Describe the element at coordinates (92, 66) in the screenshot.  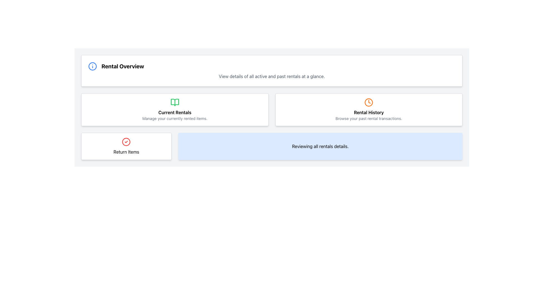
I see `the circular icon located in the top-left corner of the 'Rental Overview' section, which serves as a decorative and functional indicator` at that location.